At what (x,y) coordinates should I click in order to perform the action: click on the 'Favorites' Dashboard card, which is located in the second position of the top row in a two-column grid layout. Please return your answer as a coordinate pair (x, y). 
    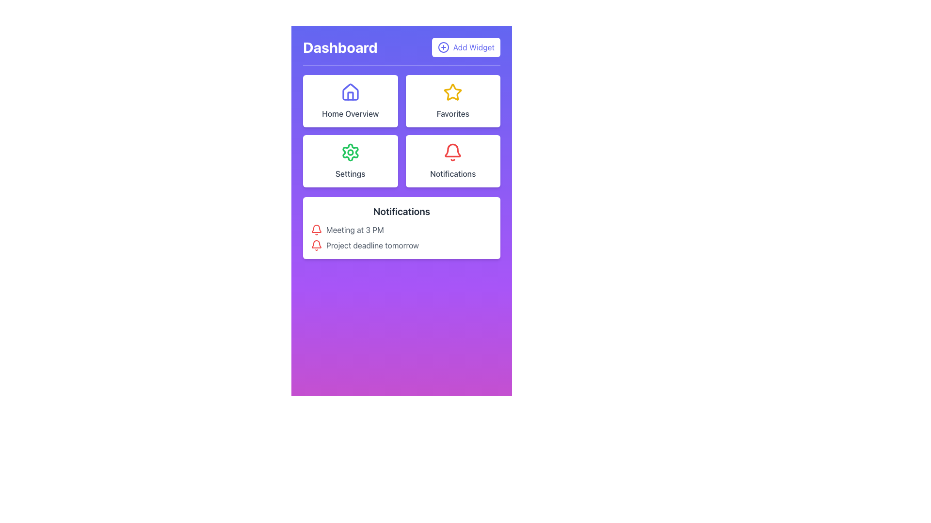
    Looking at the image, I should click on (452, 101).